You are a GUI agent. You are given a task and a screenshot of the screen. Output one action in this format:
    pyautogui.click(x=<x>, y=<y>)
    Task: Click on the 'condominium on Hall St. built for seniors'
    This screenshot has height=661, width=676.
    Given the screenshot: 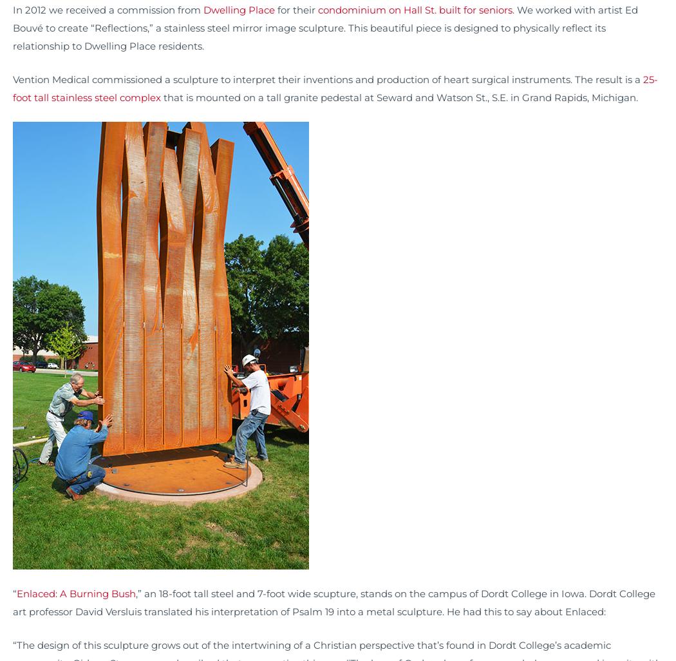 What is the action you would take?
    pyautogui.click(x=317, y=10)
    